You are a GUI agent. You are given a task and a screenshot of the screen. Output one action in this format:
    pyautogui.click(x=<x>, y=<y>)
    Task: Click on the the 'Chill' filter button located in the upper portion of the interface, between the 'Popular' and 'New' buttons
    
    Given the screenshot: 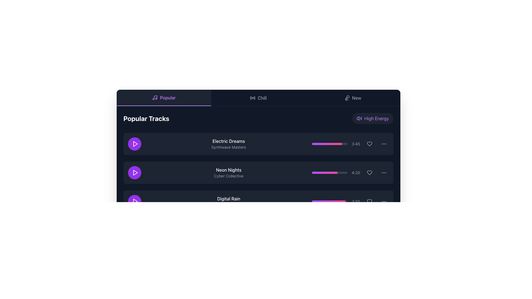 What is the action you would take?
    pyautogui.click(x=258, y=98)
    